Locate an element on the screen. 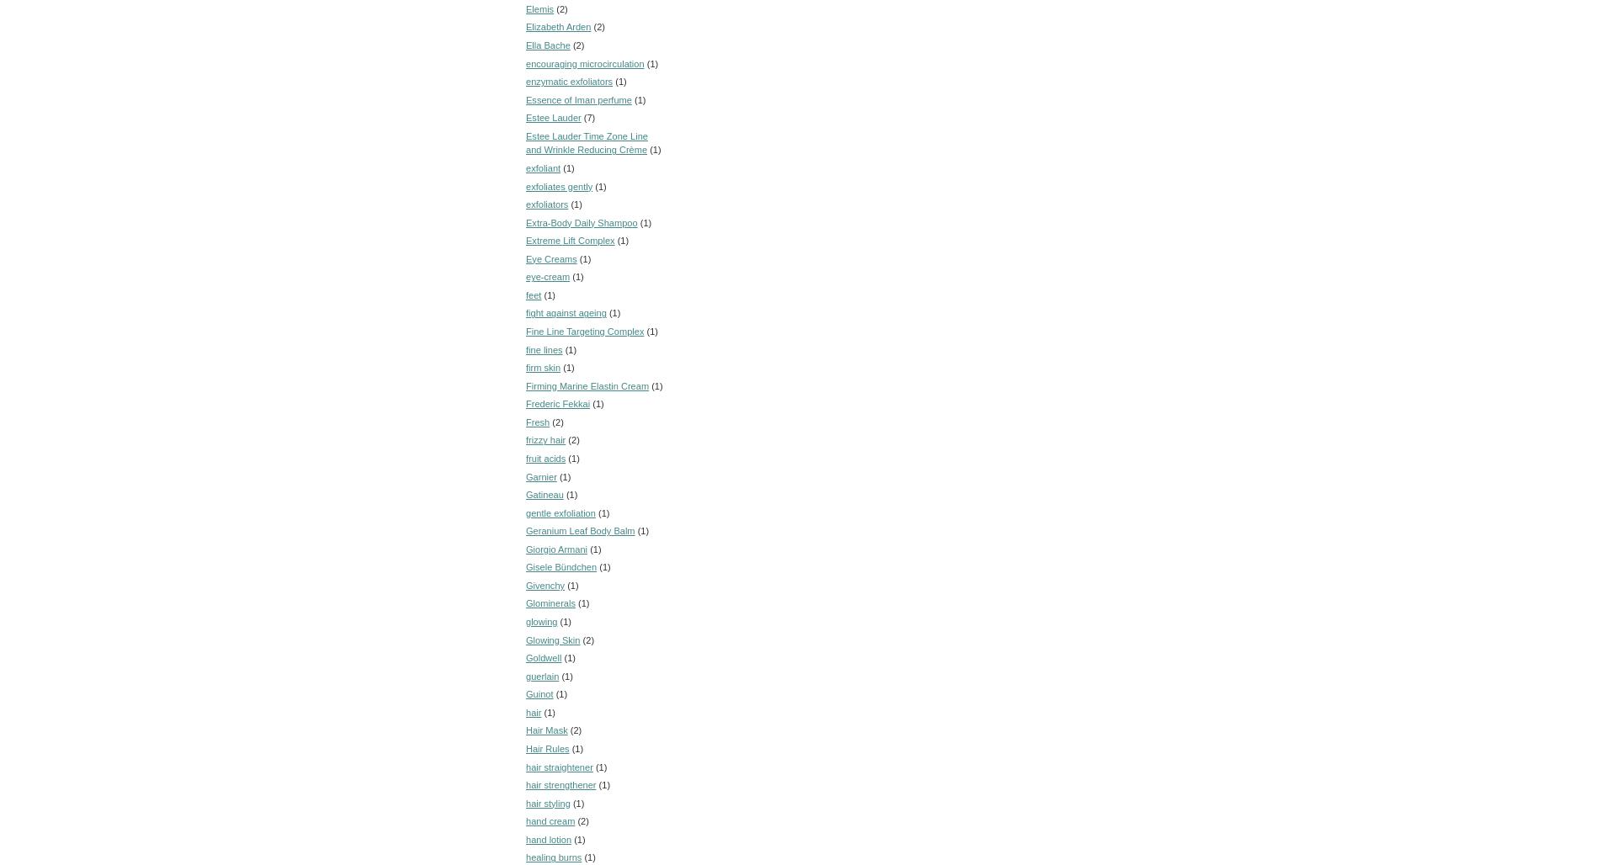 Image resolution: width=1599 pixels, height=865 pixels. 'exfoliates gently' is located at coordinates (559, 185).